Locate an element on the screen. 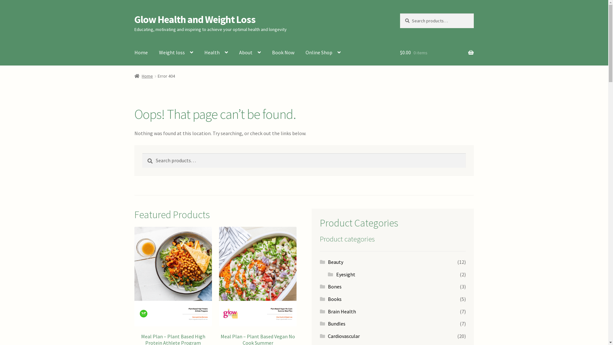 The image size is (613, 345). 'Beauty' is located at coordinates (328, 262).